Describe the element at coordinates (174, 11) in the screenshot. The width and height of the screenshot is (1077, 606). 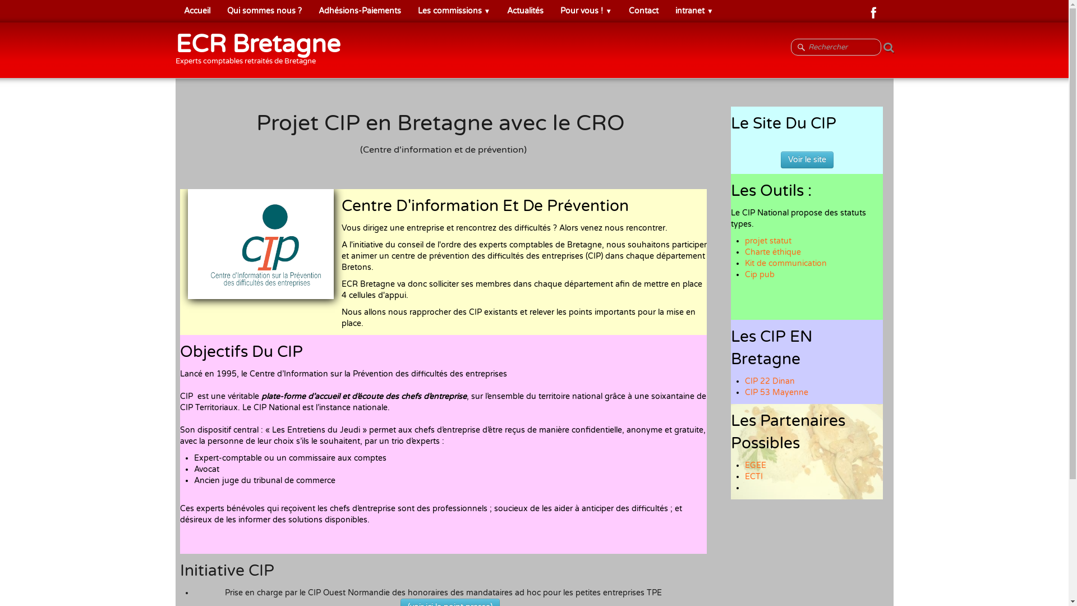
I see `'Accueil'` at that location.